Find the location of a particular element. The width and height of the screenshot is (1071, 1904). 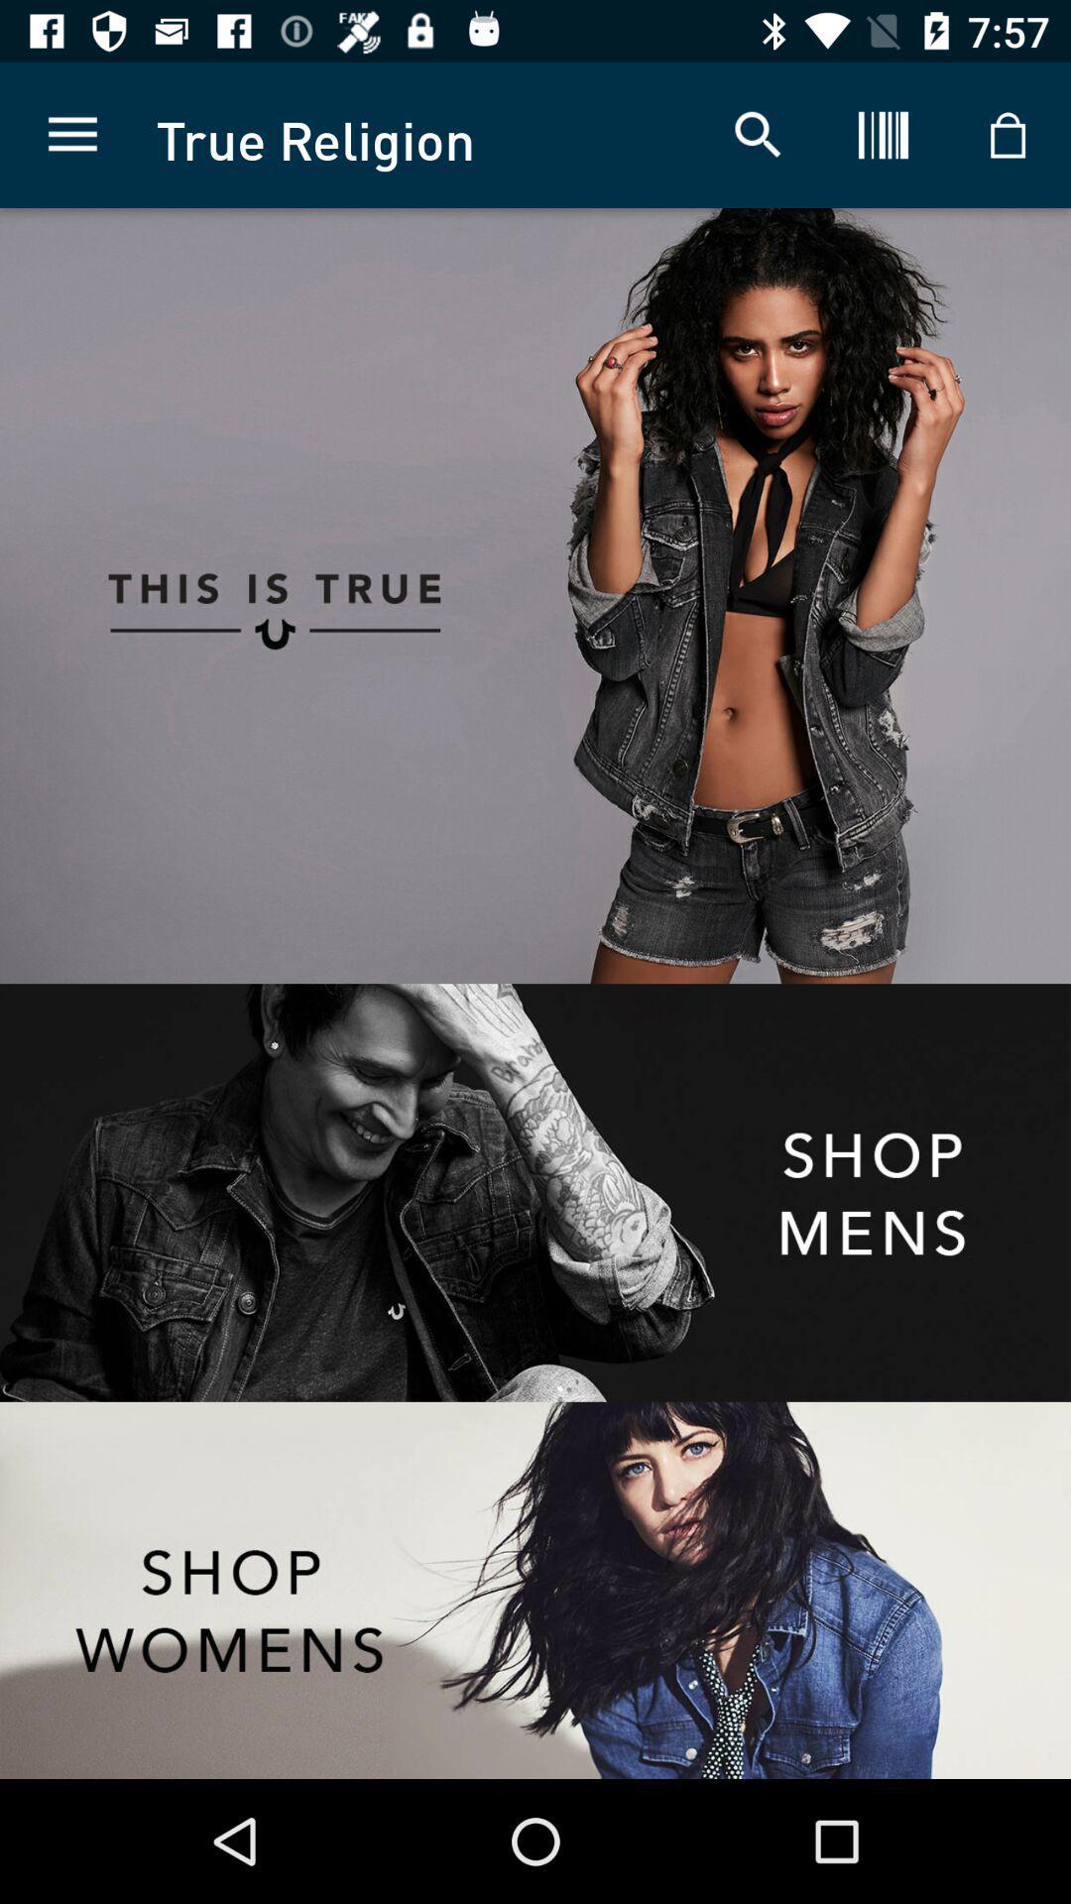

the item to the left of the true religion app is located at coordinates (71, 134).